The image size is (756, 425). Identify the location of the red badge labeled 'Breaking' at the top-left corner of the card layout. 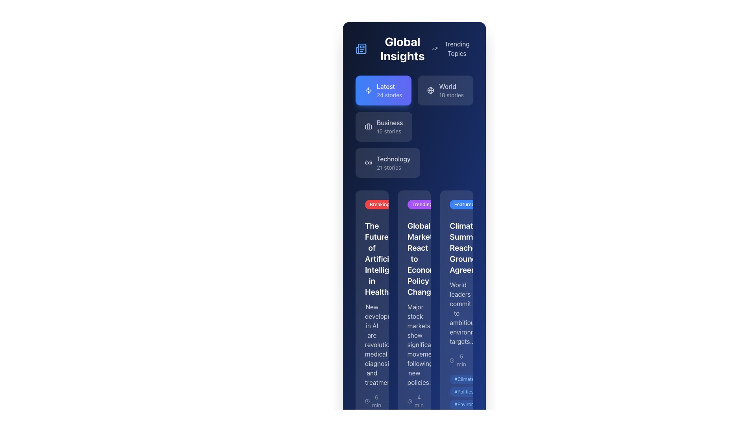
(371, 206).